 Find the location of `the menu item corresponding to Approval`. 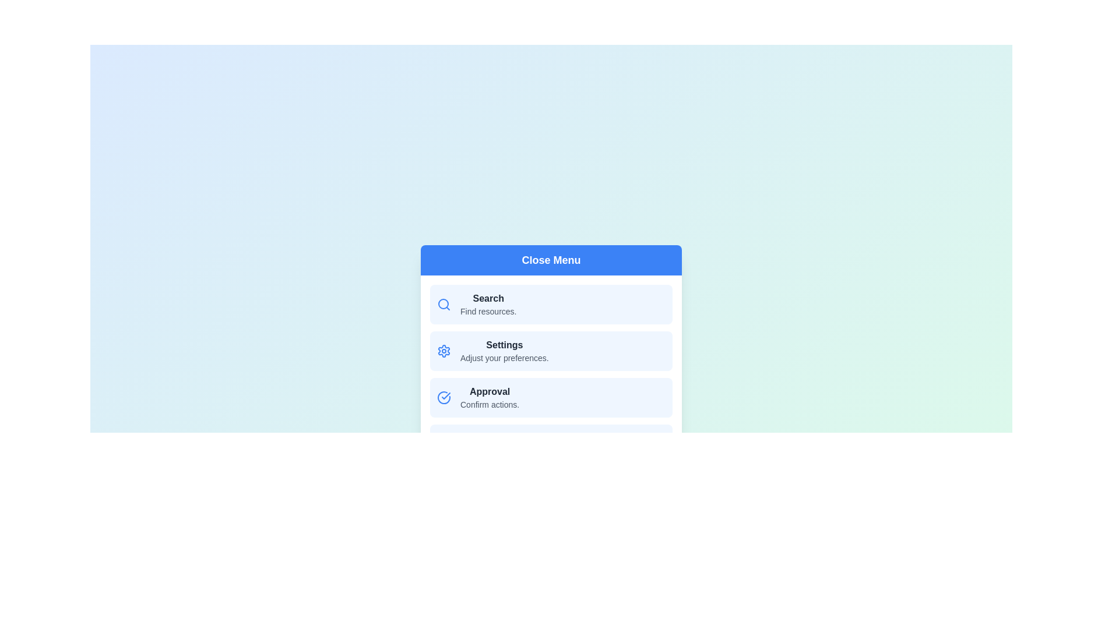

the menu item corresponding to Approval is located at coordinates (550, 397).